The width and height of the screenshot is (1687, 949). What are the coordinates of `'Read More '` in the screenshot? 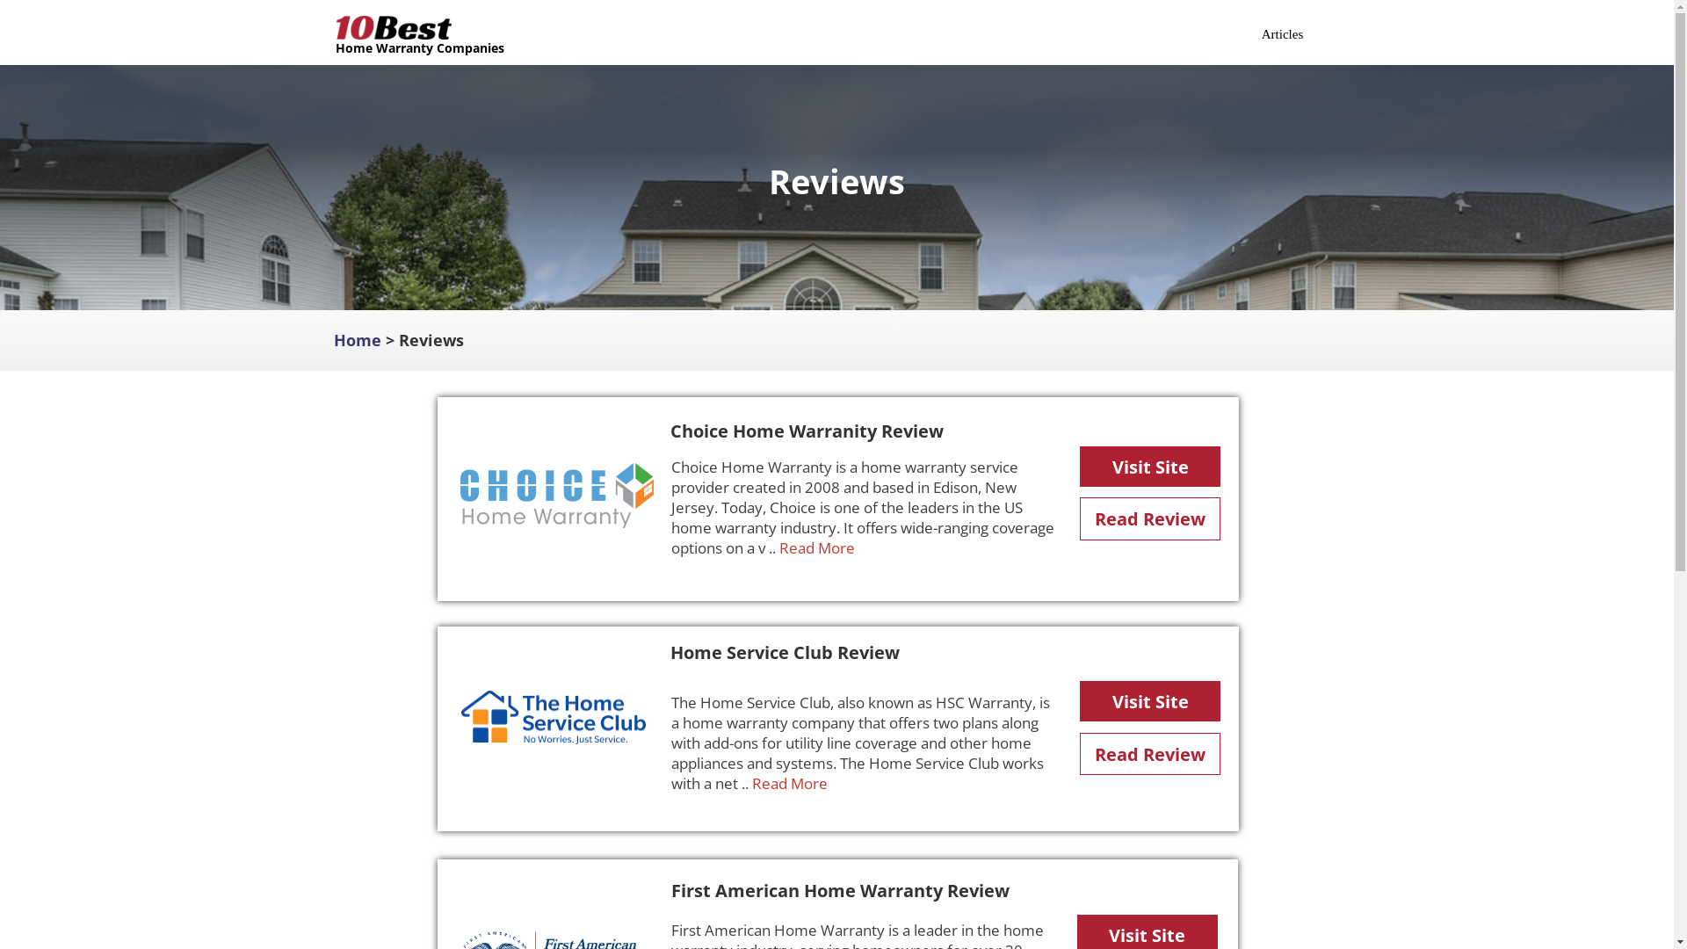 It's located at (817, 547).